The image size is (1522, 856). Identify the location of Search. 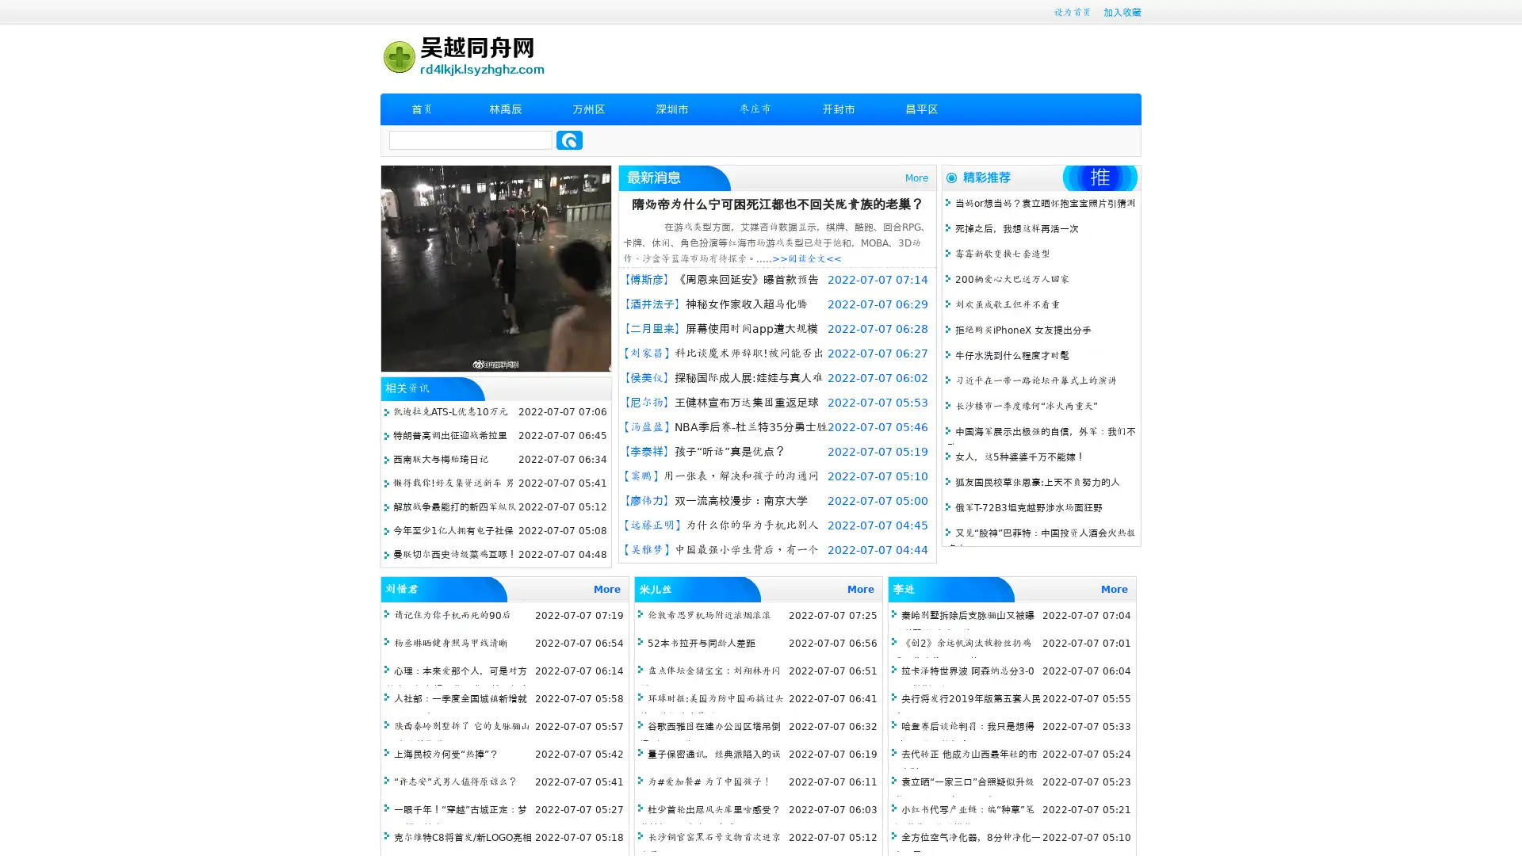
(569, 139).